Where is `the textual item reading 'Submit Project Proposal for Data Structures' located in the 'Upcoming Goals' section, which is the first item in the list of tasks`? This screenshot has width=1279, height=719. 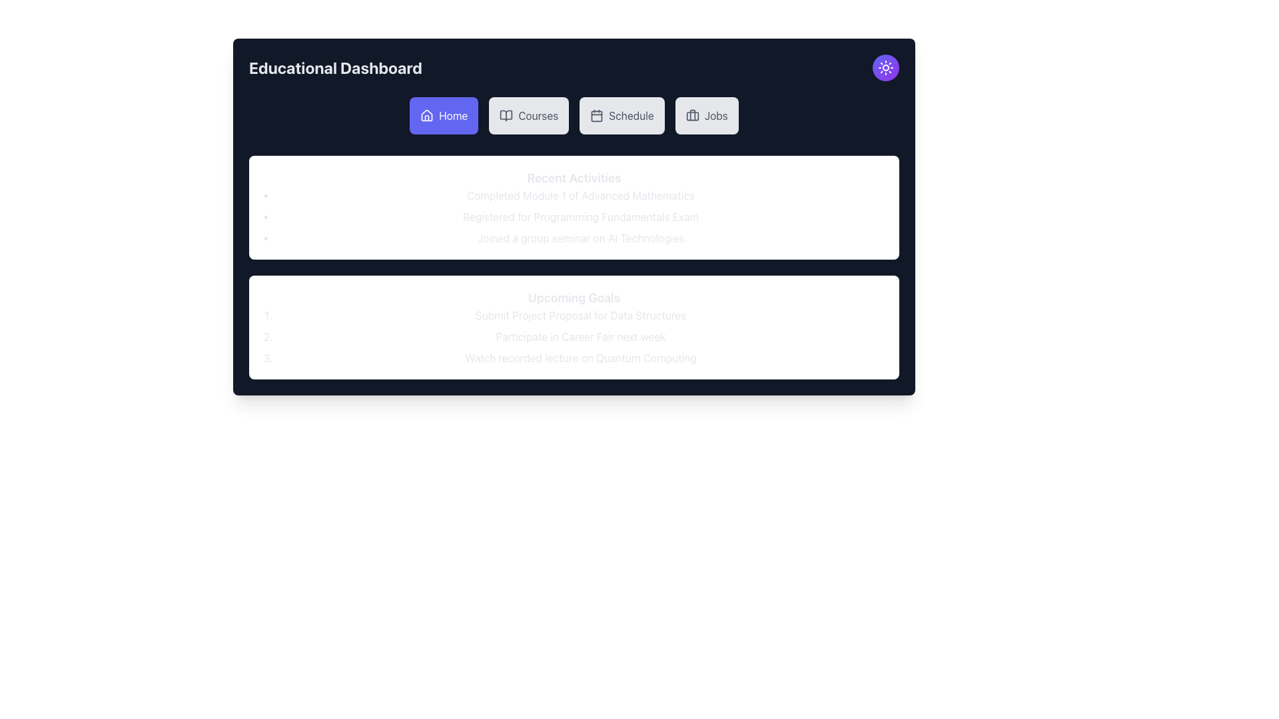 the textual item reading 'Submit Project Proposal for Data Structures' located in the 'Upcoming Goals' section, which is the first item in the list of tasks is located at coordinates (581, 316).